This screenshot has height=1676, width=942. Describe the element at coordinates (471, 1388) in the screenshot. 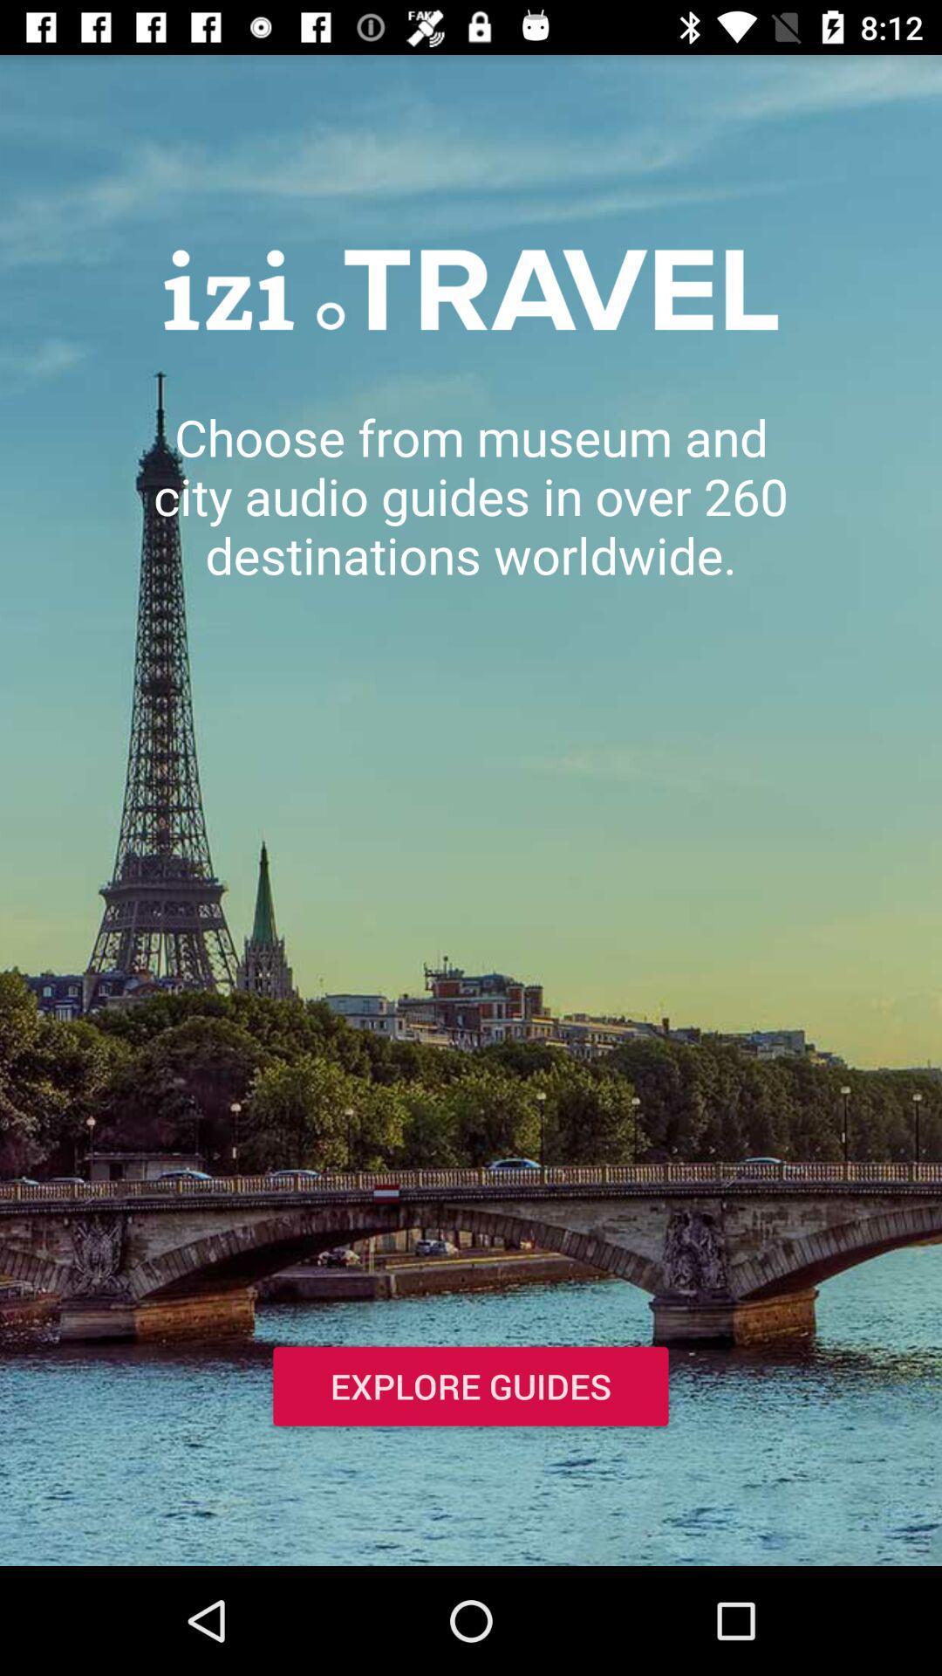

I see `explore guides` at that location.